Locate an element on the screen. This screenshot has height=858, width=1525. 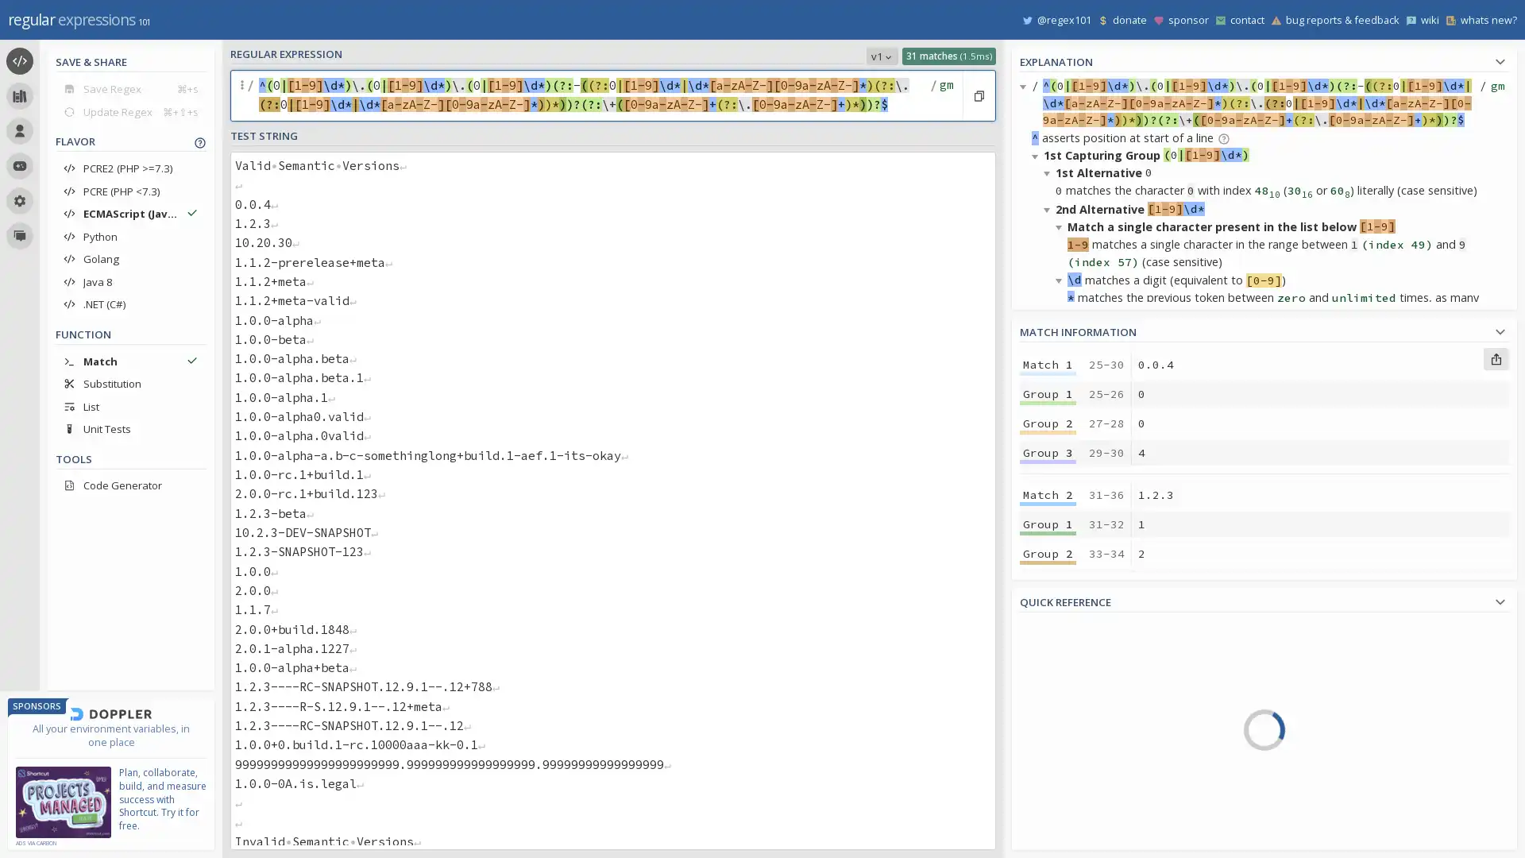
Collapse Subtree is located at coordinates (1061, 477).